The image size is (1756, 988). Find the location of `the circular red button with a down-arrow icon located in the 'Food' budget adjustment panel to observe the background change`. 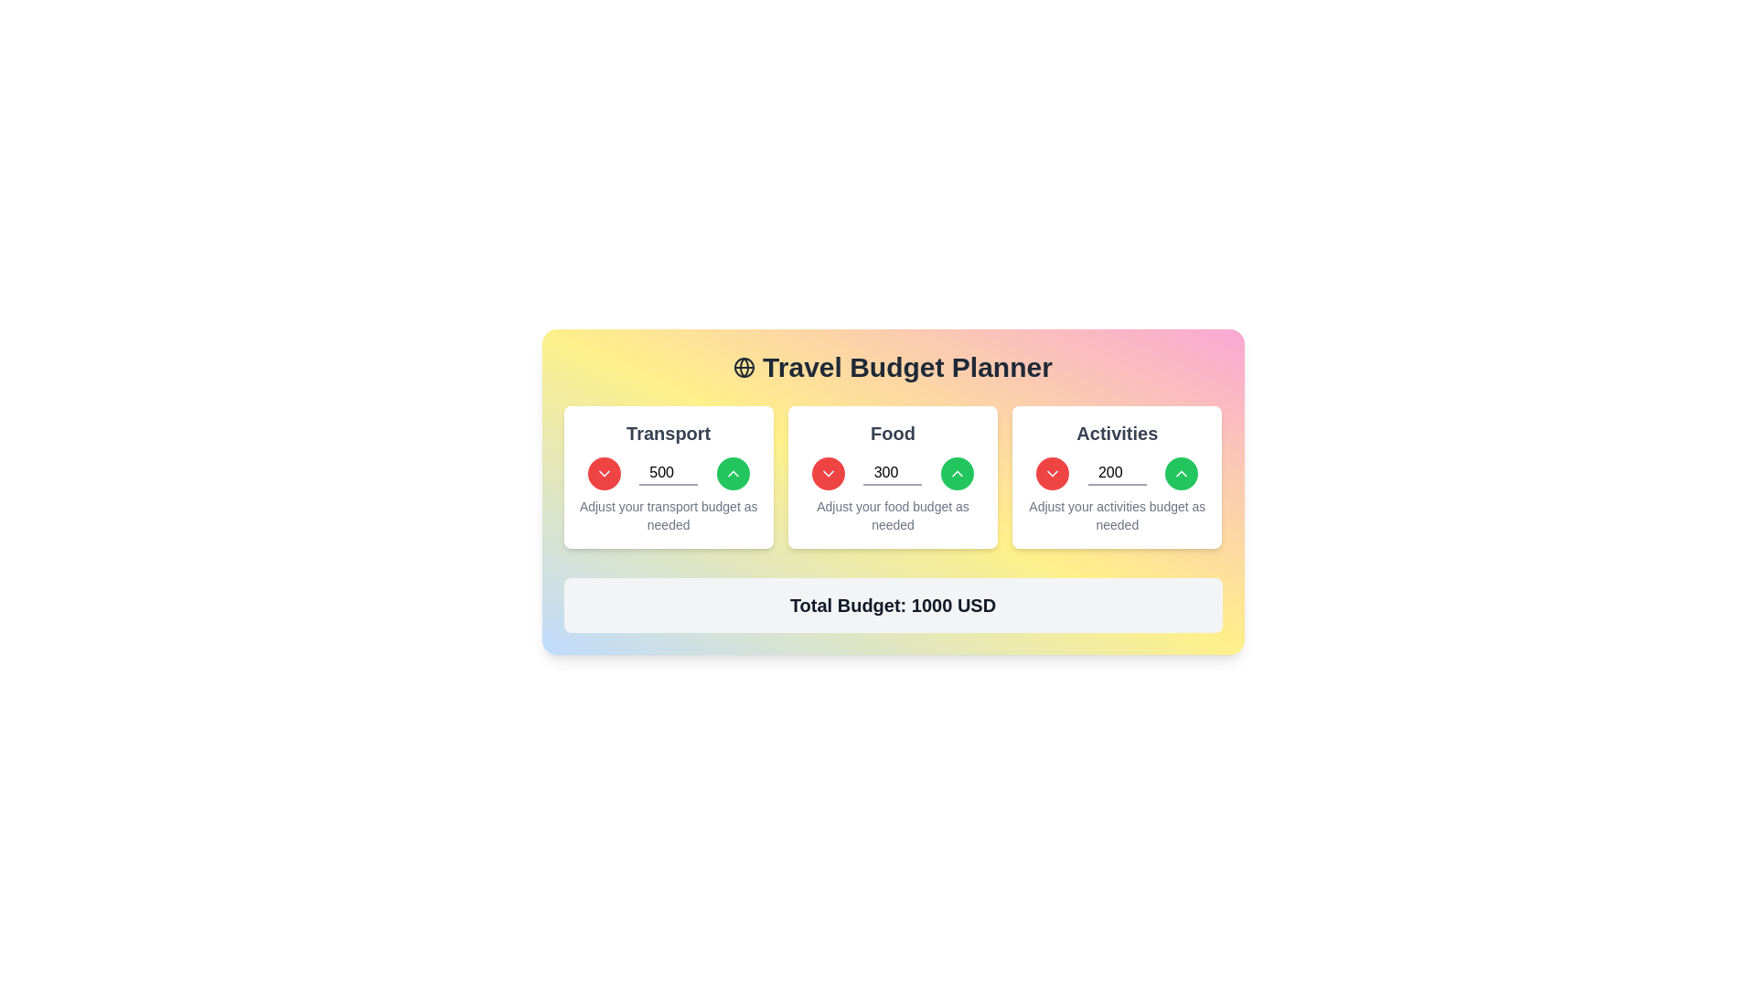

the circular red button with a down-arrow icon located in the 'Food' budget adjustment panel to observe the background change is located at coordinates (828, 472).